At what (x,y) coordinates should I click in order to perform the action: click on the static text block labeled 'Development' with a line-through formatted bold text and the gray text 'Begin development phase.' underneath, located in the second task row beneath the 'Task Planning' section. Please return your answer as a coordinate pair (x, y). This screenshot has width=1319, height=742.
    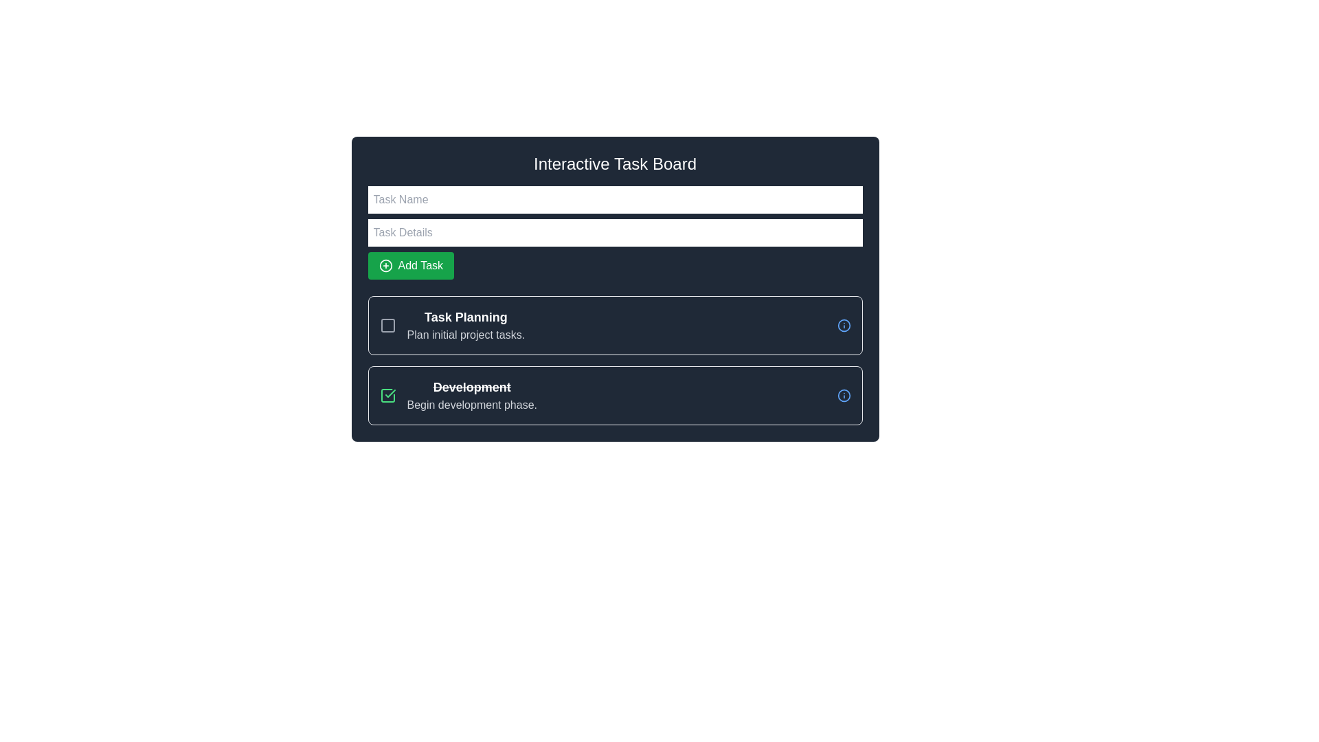
    Looking at the image, I should click on (472, 395).